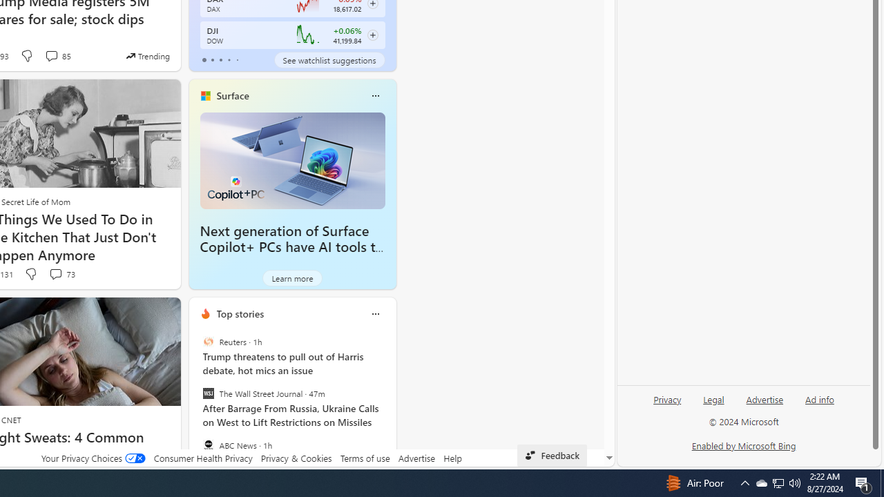 The width and height of the screenshot is (884, 497). Describe the element at coordinates (55, 274) in the screenshot. I see `'View comments 73 Comment'` at that location.